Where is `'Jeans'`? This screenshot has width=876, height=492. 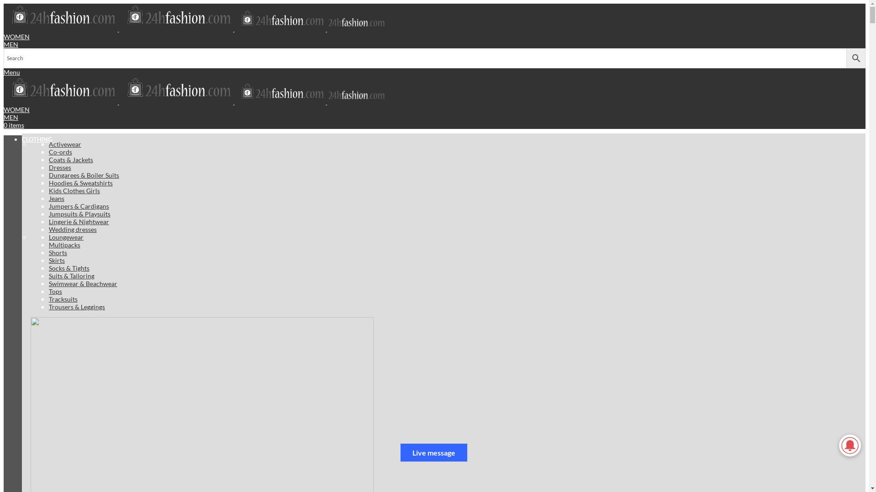
'Jeans' is located at coordinates (56, 197).